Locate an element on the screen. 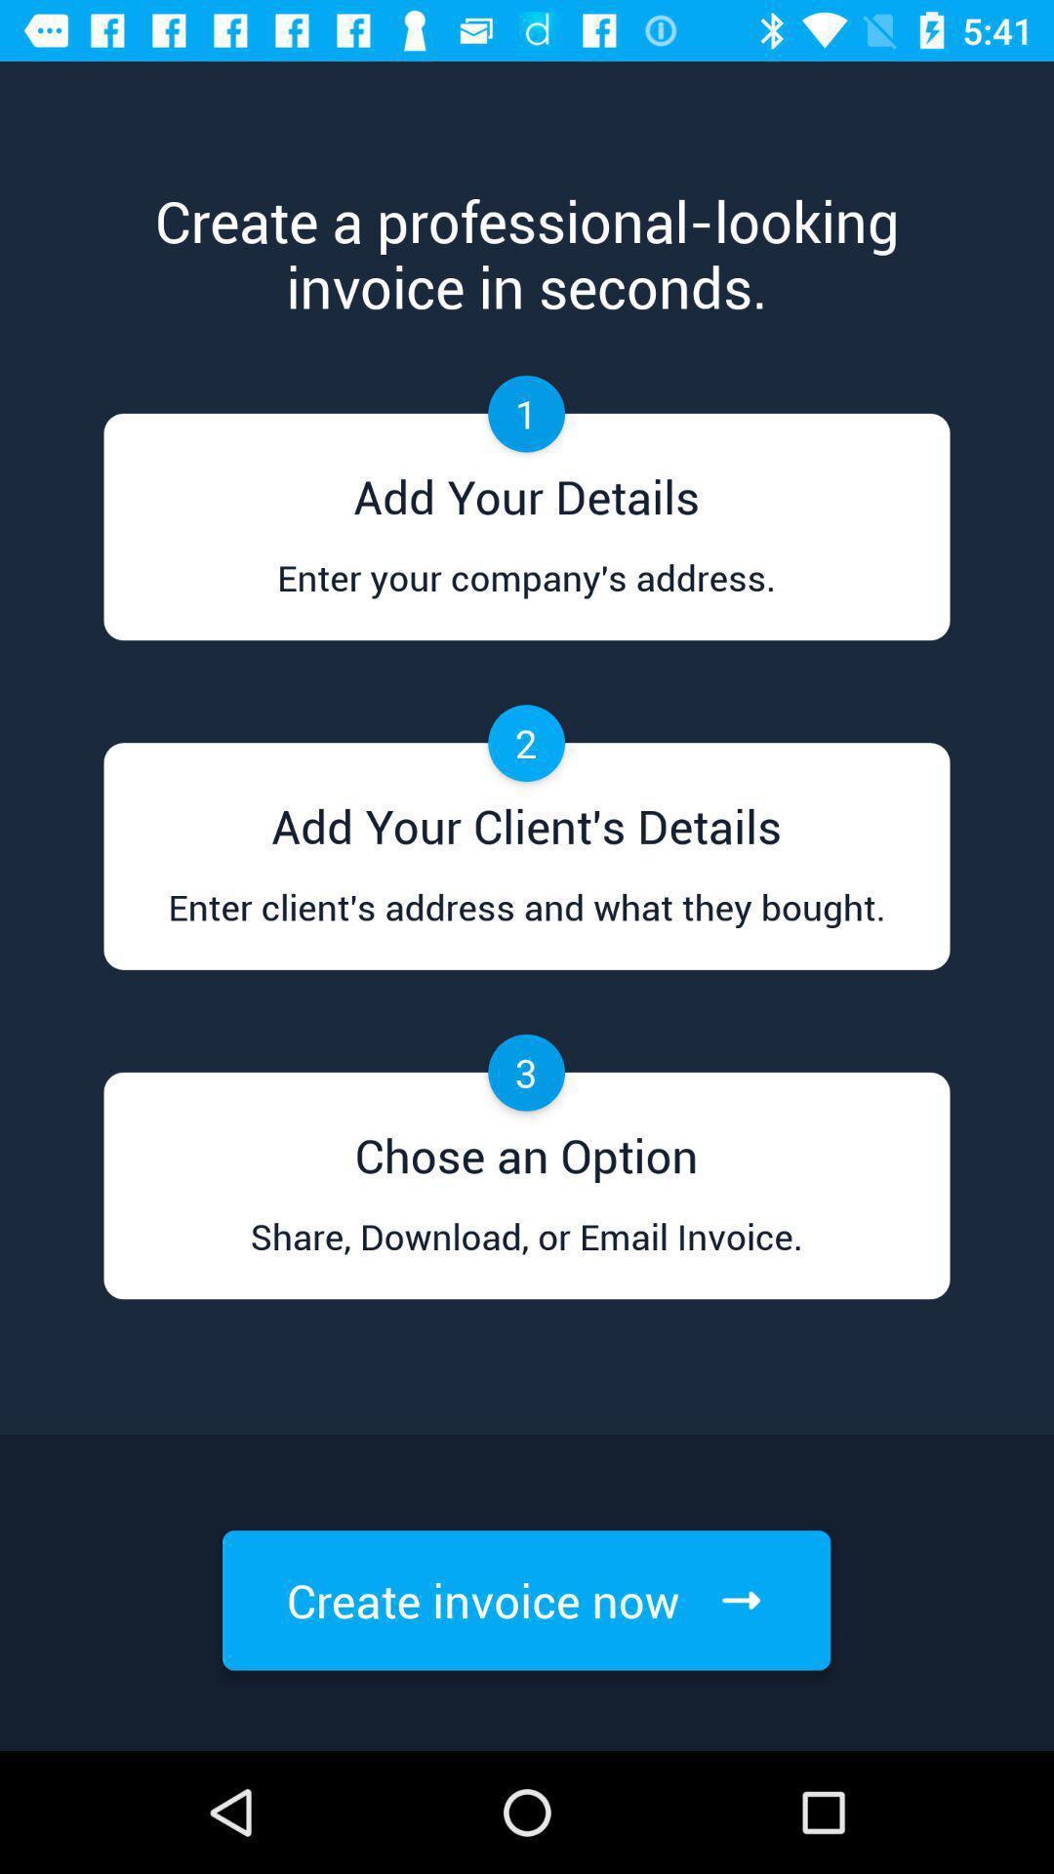 The height and width of the screenshot is (1874, 1054). enter your company item is located at coordinates (525, 595).